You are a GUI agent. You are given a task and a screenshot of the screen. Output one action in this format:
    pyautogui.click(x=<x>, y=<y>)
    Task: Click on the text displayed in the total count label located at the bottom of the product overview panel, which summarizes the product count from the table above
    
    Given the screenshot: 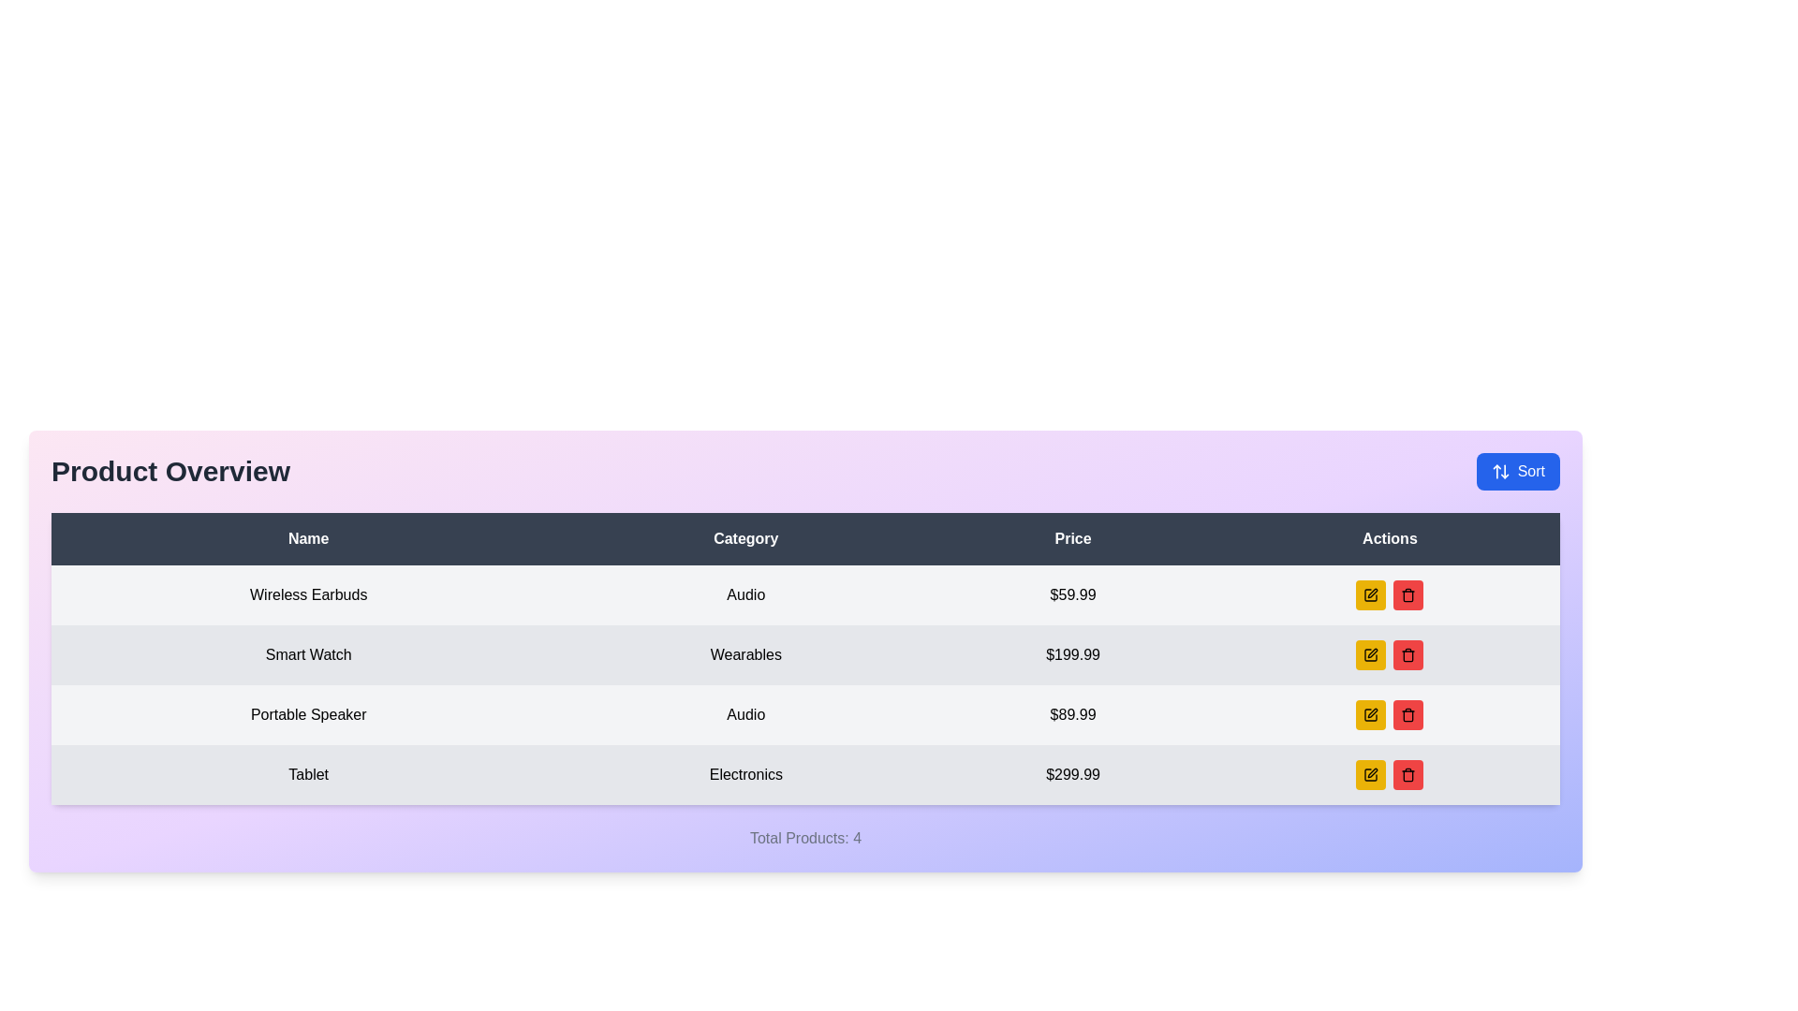 What is the action you would take?
    pyautogui.click(x=805, y=837)
    